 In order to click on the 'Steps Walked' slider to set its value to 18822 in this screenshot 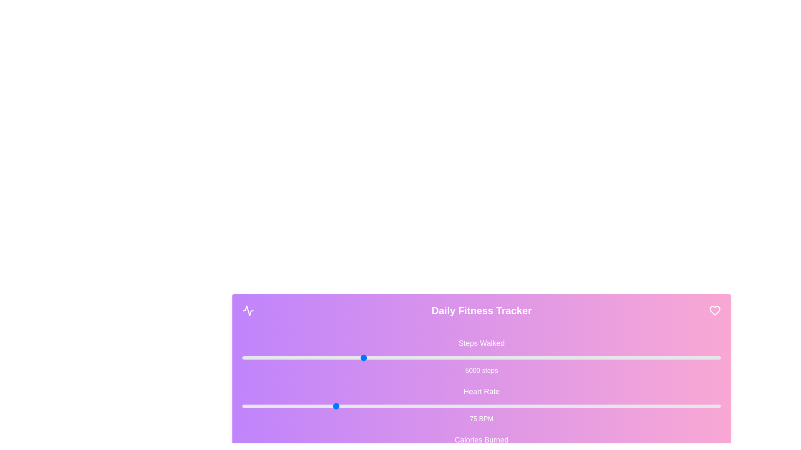, I will do `click(693, 357)`.